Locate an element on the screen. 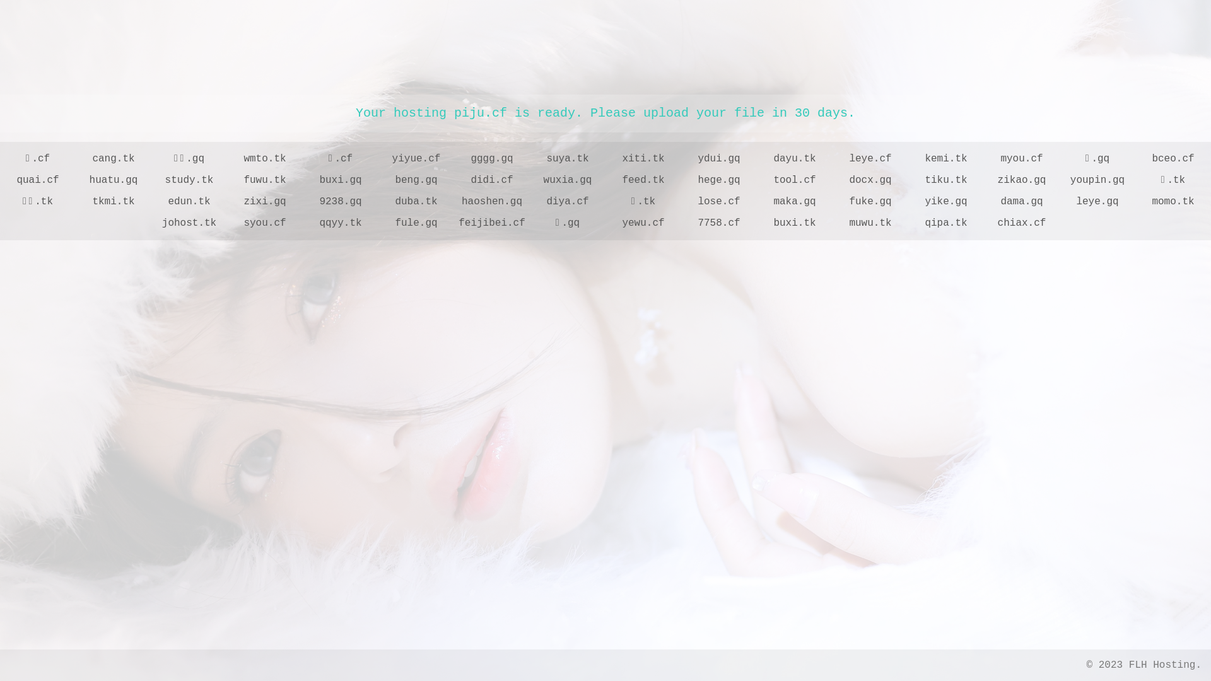  'fuwu.tk' is located at coordinates (264, 180).